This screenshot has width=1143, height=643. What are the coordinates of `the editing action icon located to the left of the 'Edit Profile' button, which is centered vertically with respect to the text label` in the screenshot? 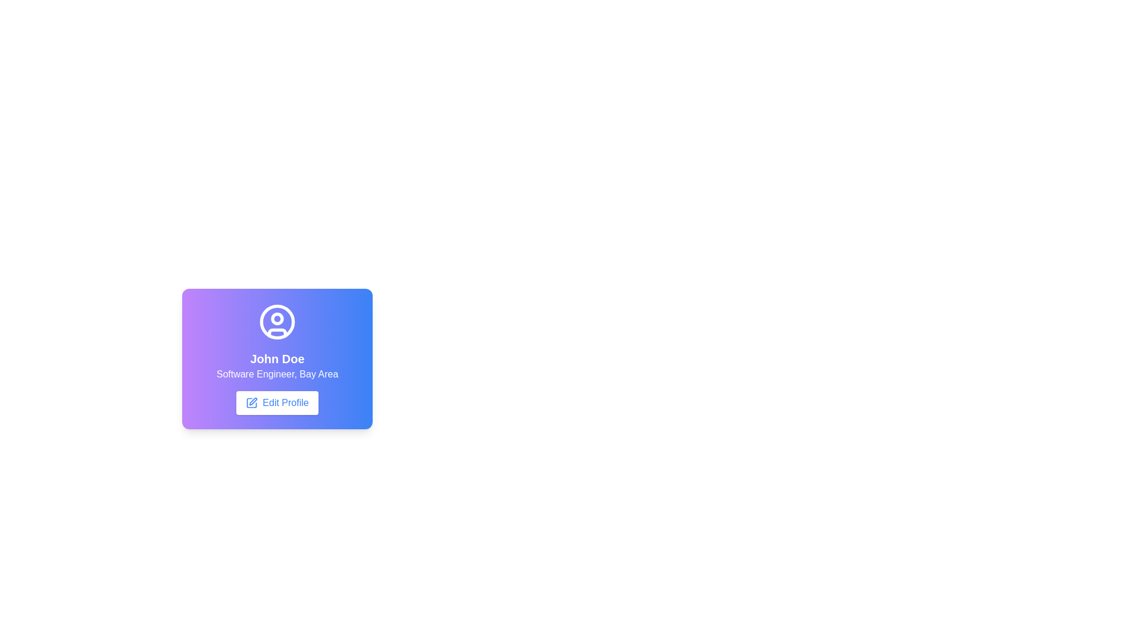 It's located at (251, 402).